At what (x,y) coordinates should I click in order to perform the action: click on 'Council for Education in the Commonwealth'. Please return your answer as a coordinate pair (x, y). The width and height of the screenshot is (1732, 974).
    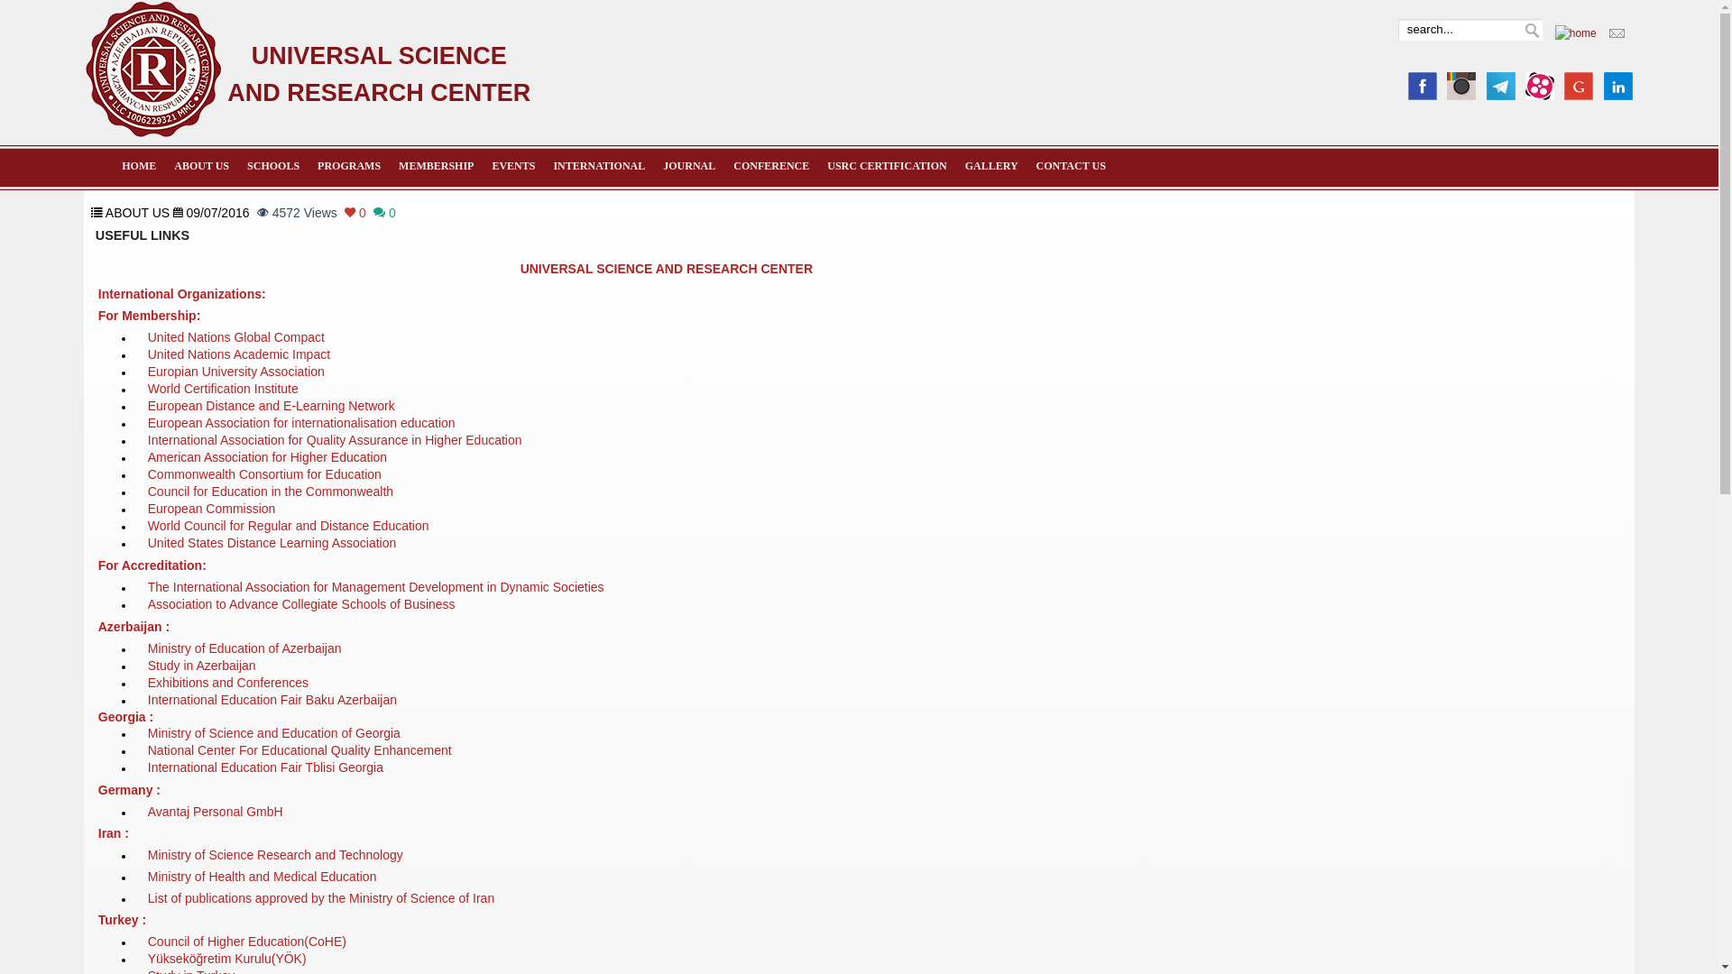
    Looking at the image, I should click on (269, 494).